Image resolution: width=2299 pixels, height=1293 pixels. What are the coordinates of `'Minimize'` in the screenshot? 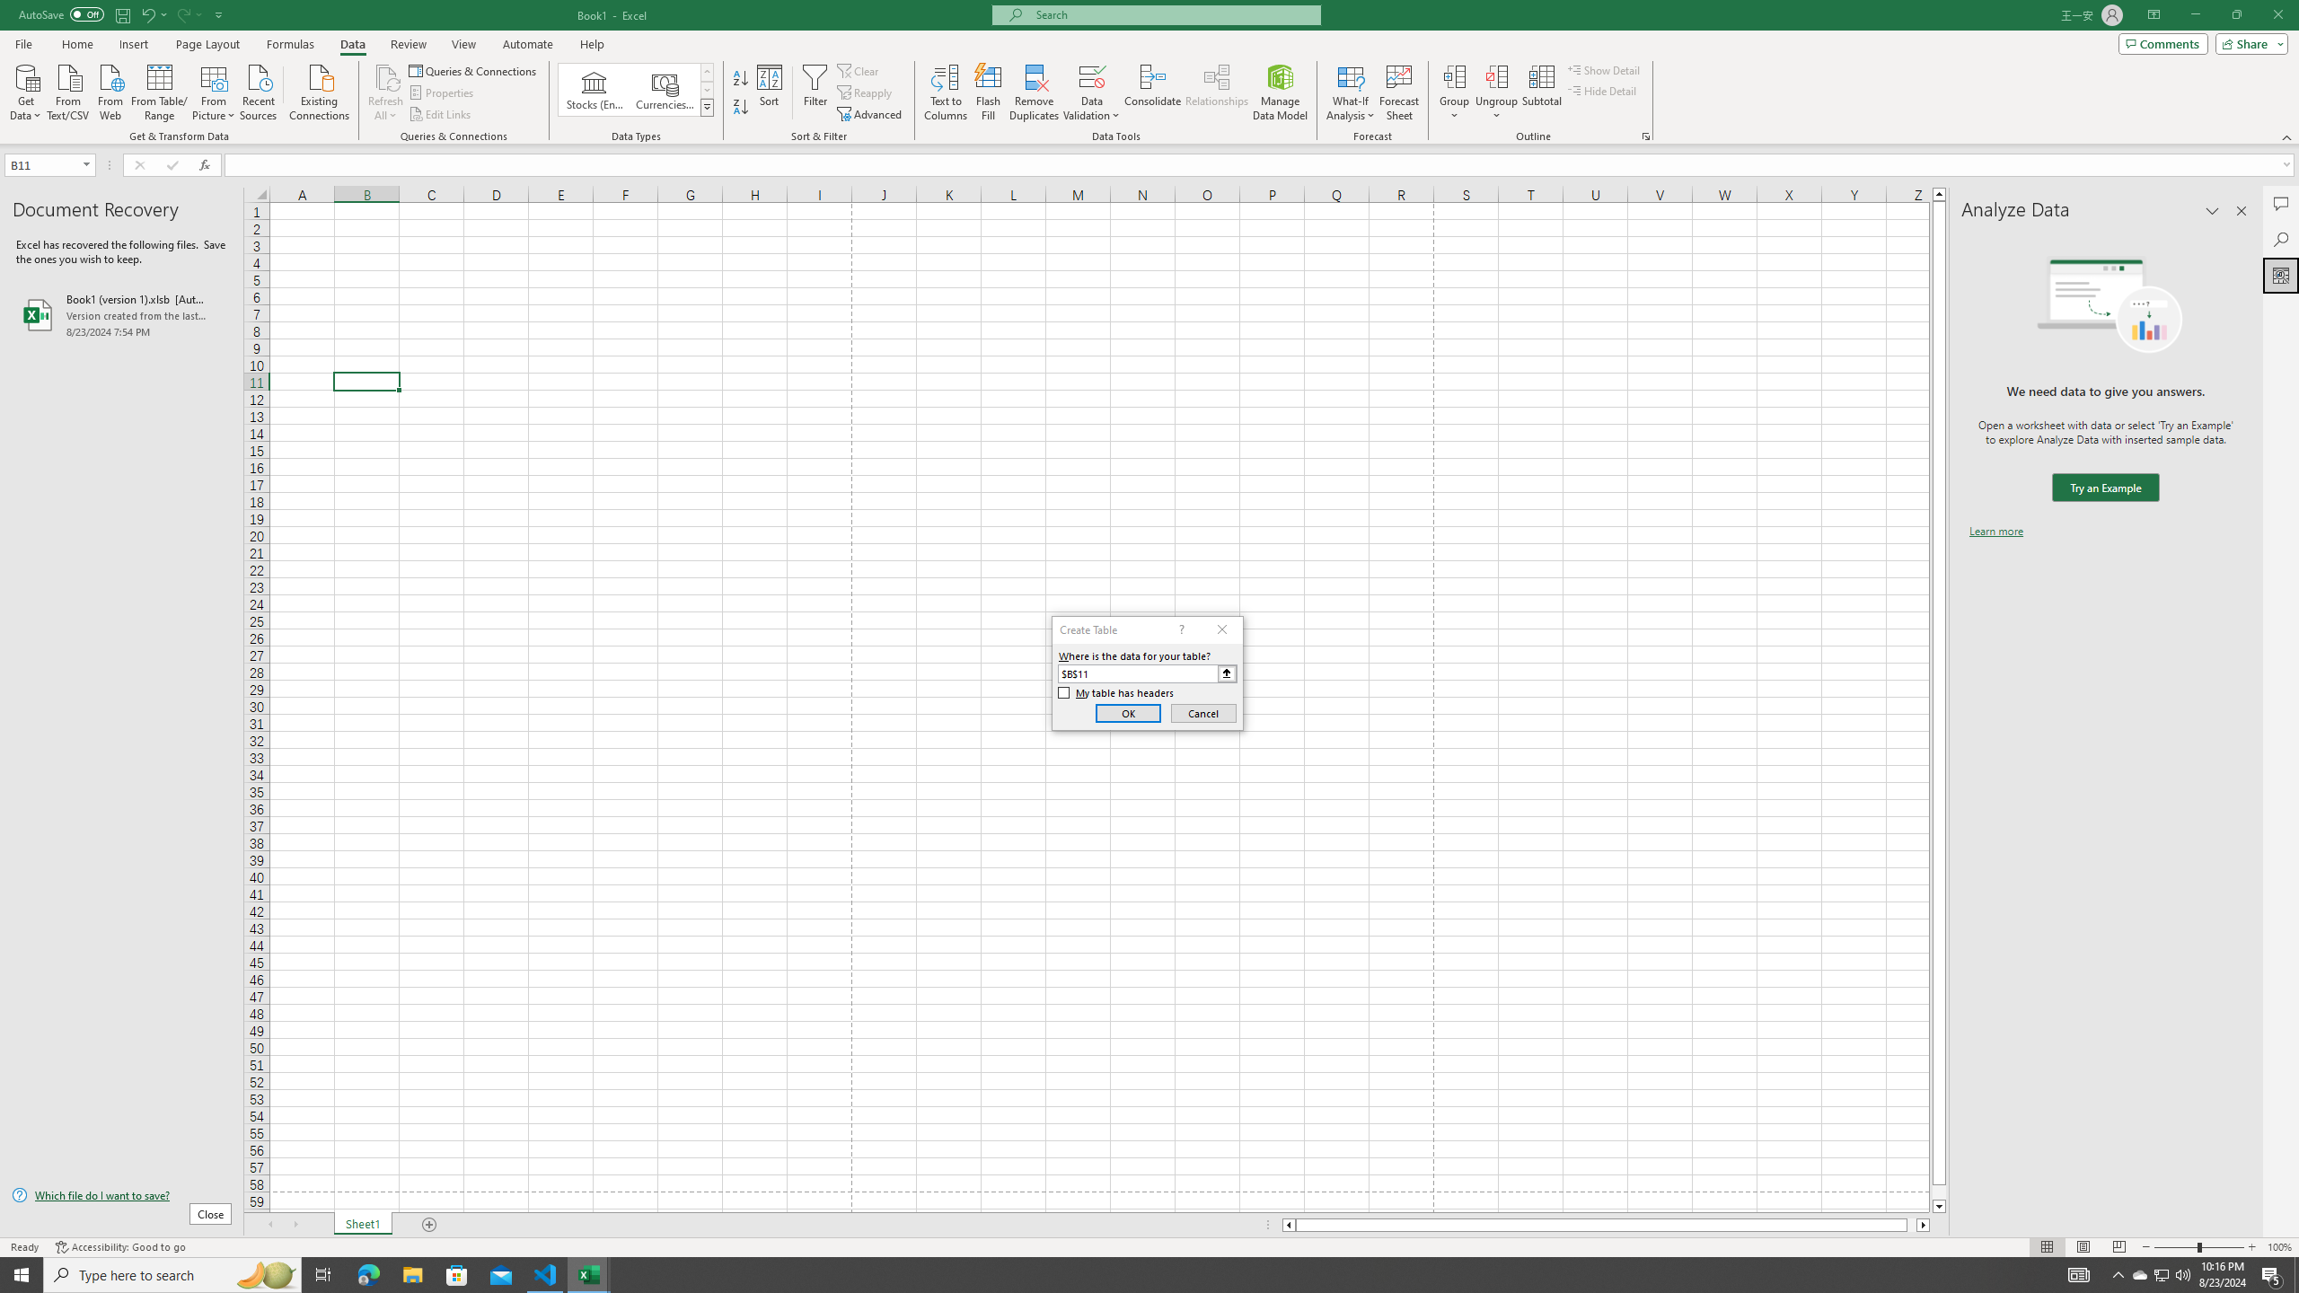 It's located at (2194, 14).